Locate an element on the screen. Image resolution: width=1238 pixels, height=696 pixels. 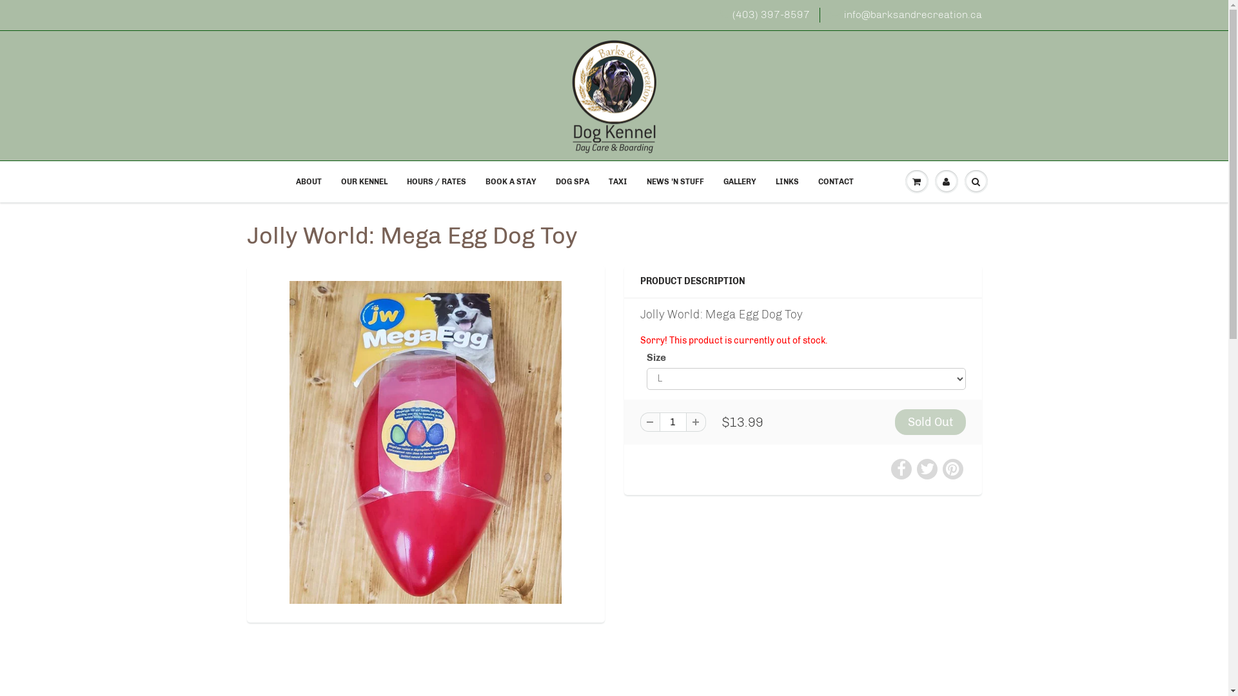
'TAXI' is located at coordinates (616, 181).